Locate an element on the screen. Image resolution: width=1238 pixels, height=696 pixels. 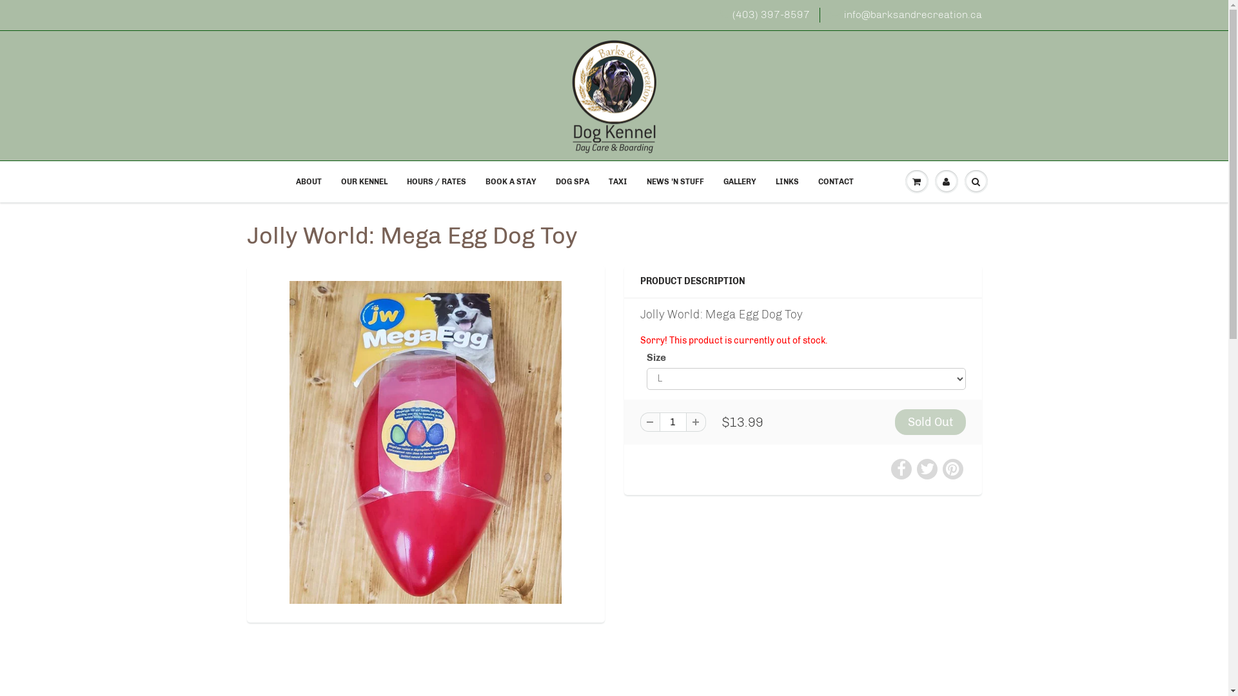
'TAXI' is located at coordinates (616, 181).